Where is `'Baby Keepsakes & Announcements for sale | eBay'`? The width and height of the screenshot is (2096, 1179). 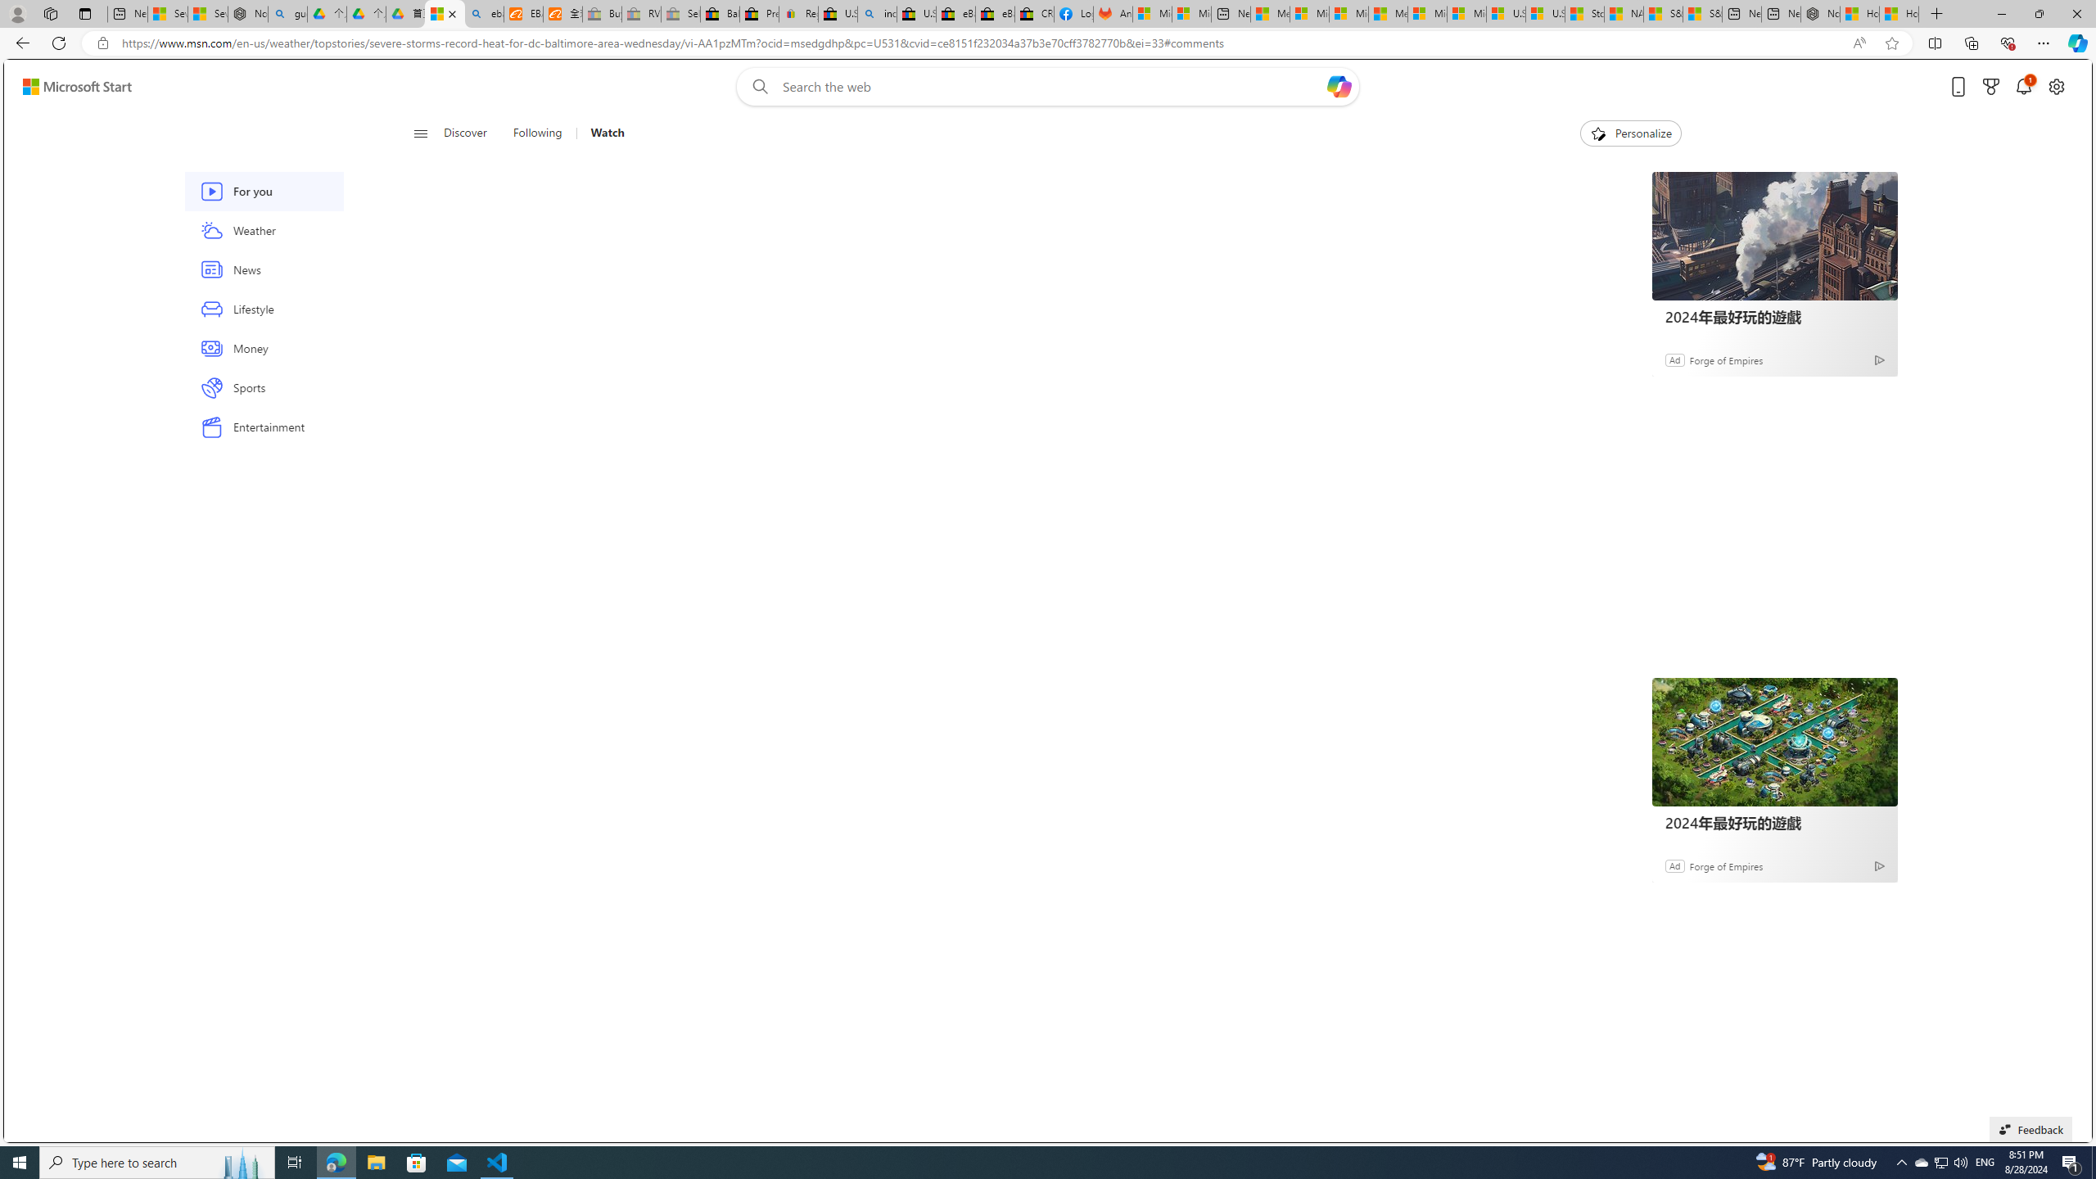 'Baby Keepsakes & Announcements for sale | eBay' is located at coordinates (720, 13).